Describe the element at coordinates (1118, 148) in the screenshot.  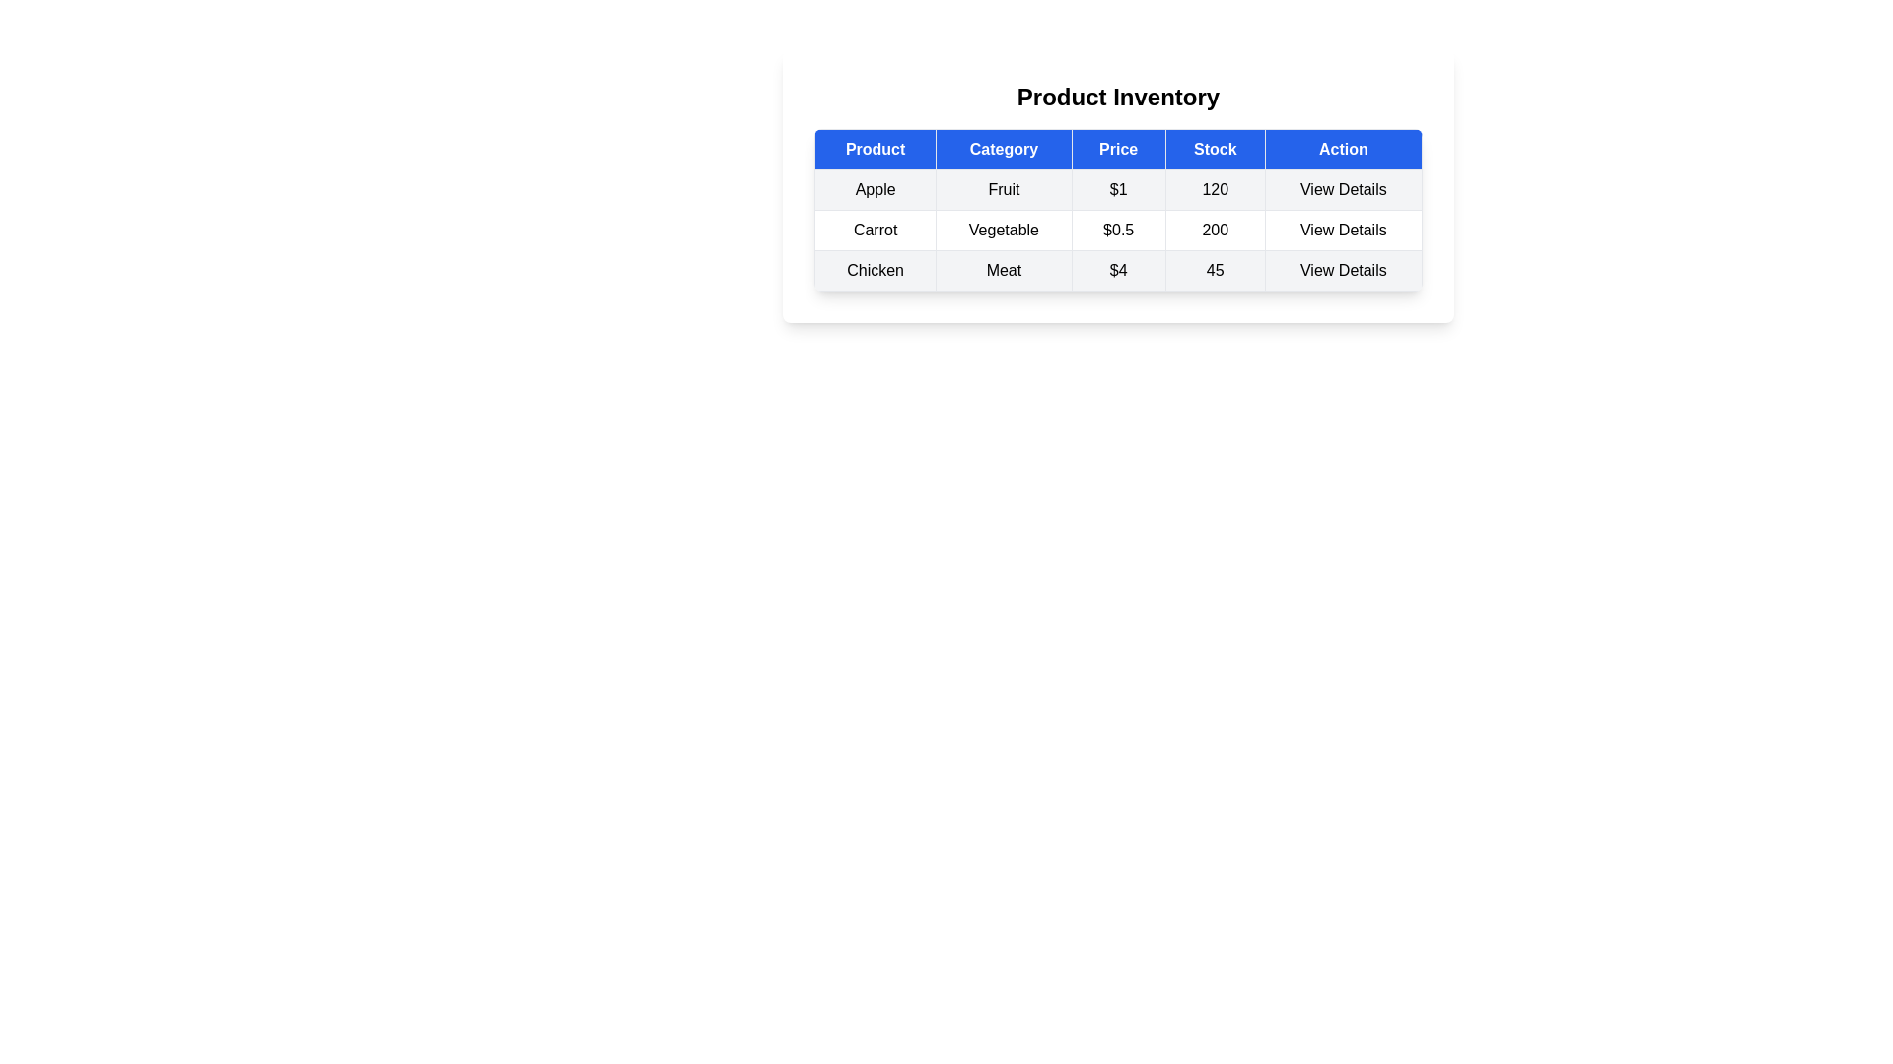
I see `the column header Price to inspect it` at that location.